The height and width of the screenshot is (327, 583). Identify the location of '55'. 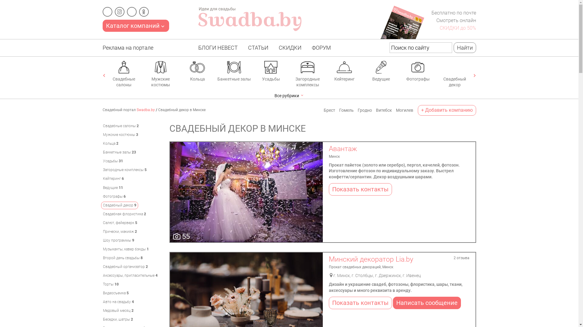
(246, 192).